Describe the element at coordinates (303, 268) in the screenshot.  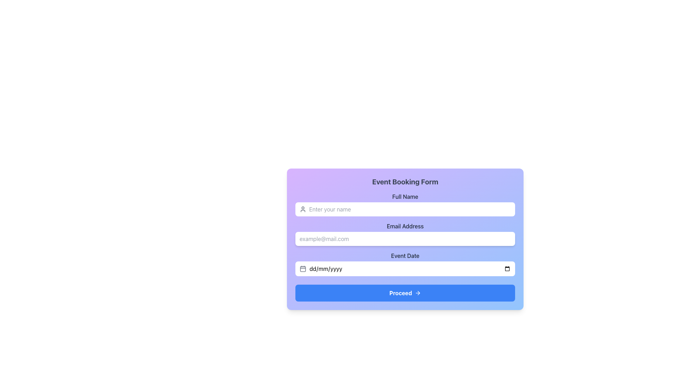
I see `the date selection icon located in the 'Event Booking Form' next to the 'Event Date' input field to invoke the date picker` at that location.